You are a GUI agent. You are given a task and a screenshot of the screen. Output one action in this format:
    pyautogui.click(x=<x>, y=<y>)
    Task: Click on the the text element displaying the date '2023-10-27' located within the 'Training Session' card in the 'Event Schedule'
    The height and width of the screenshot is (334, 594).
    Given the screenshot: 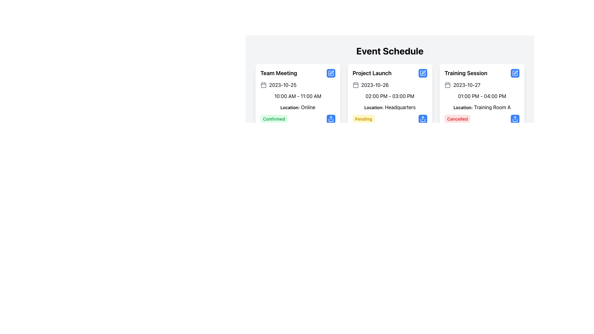 What is the action you would take?
    pyautogui.click(x=467, y=85)
    